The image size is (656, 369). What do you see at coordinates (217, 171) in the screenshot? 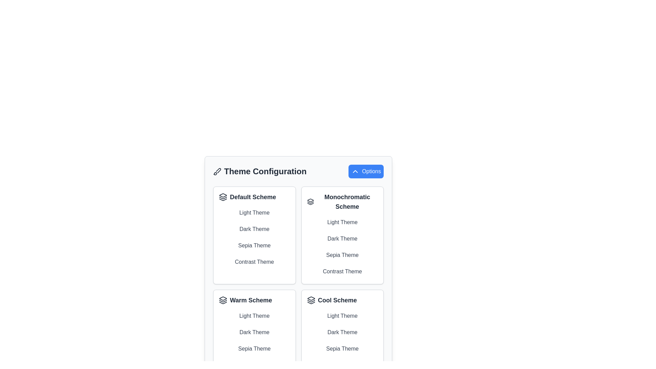
I see `the brush icon located within the 'Theme Configuration' header` at bounding box center [217, 171].